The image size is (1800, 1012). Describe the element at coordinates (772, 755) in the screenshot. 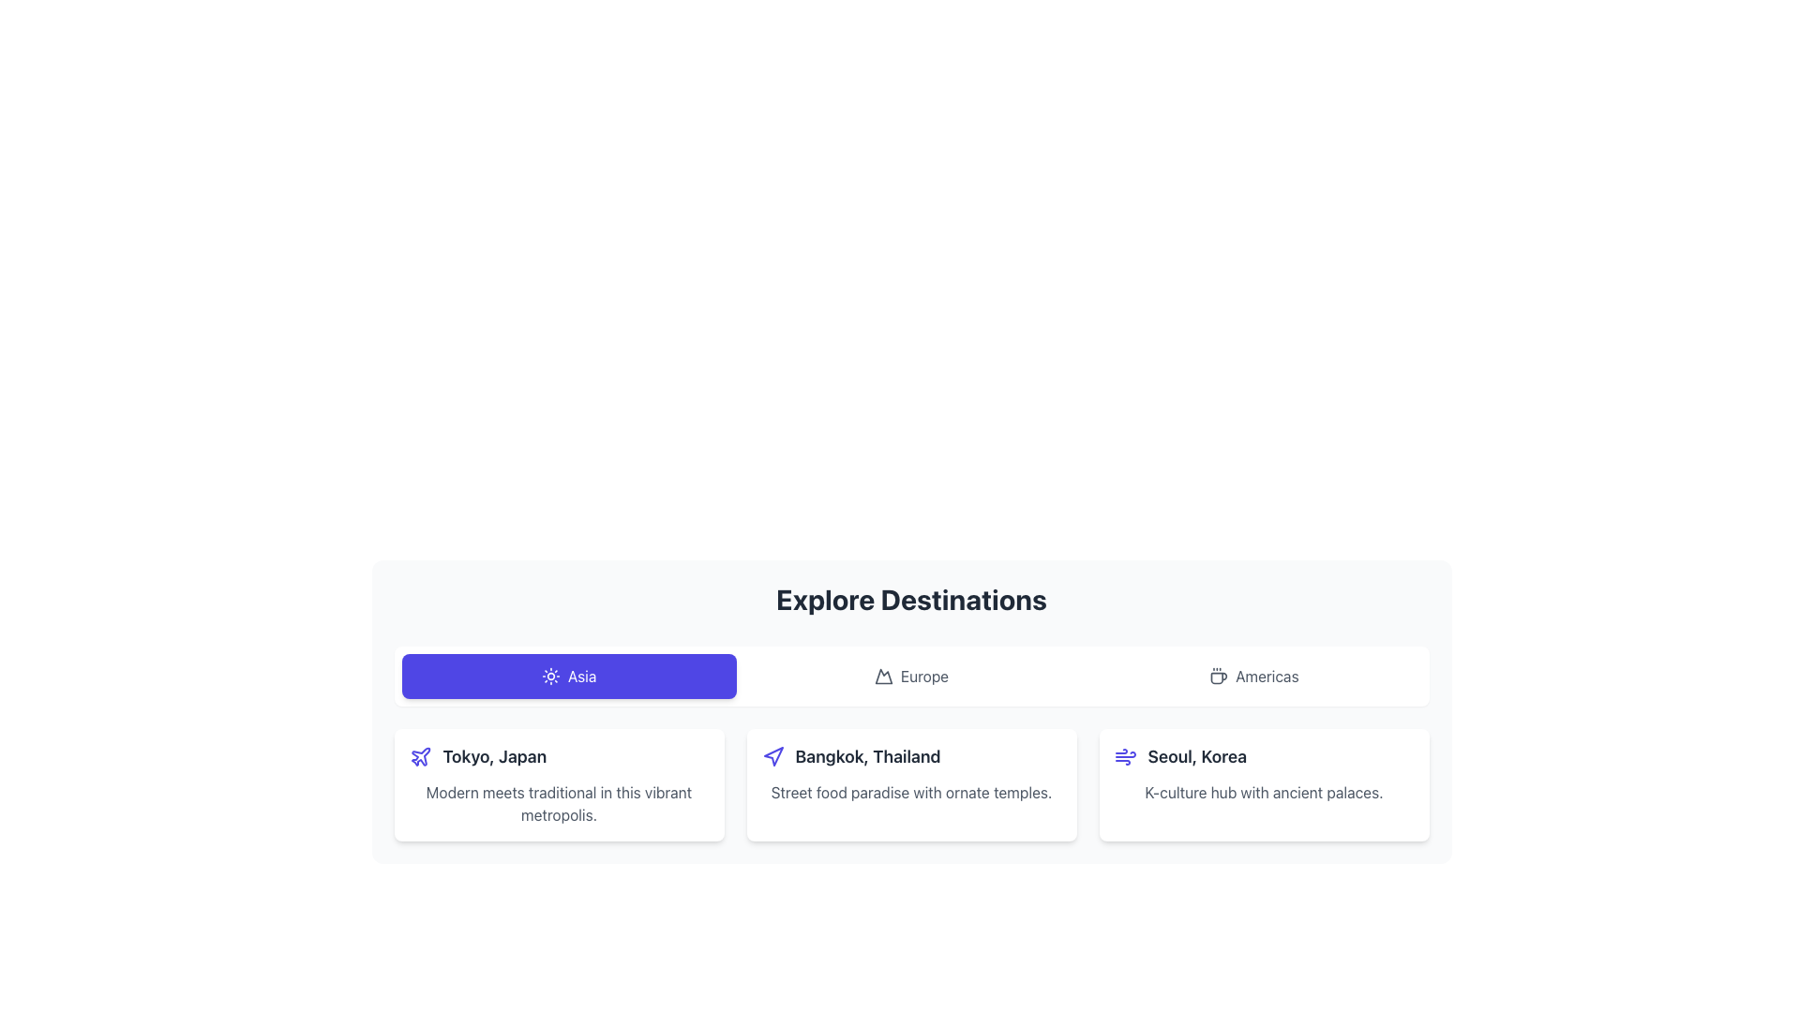

I see `the decorative icon located at the top-left corner of the second card labeled 'Bangkok, Thailand', which symbolizes navigation or travel-related content` at that location.